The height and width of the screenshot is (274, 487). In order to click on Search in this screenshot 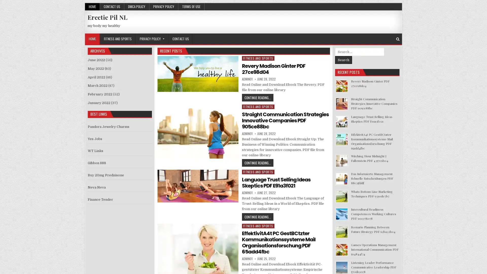, I will do `click(343, 60)`.